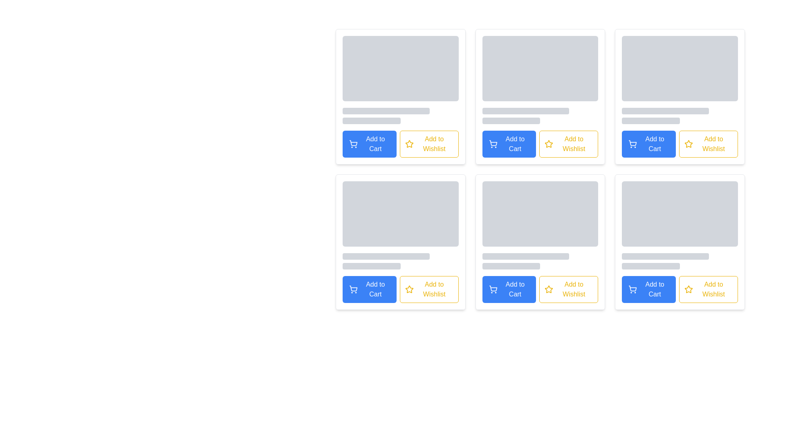 Image resolution: width=785 pixels, height=441 pixels. Describe the element at coordinates (353, 289) in the screenshot. I see `the shopping cart icon within the blue 'Add to Cart' button located in the bottom-left of the grid` at that location.